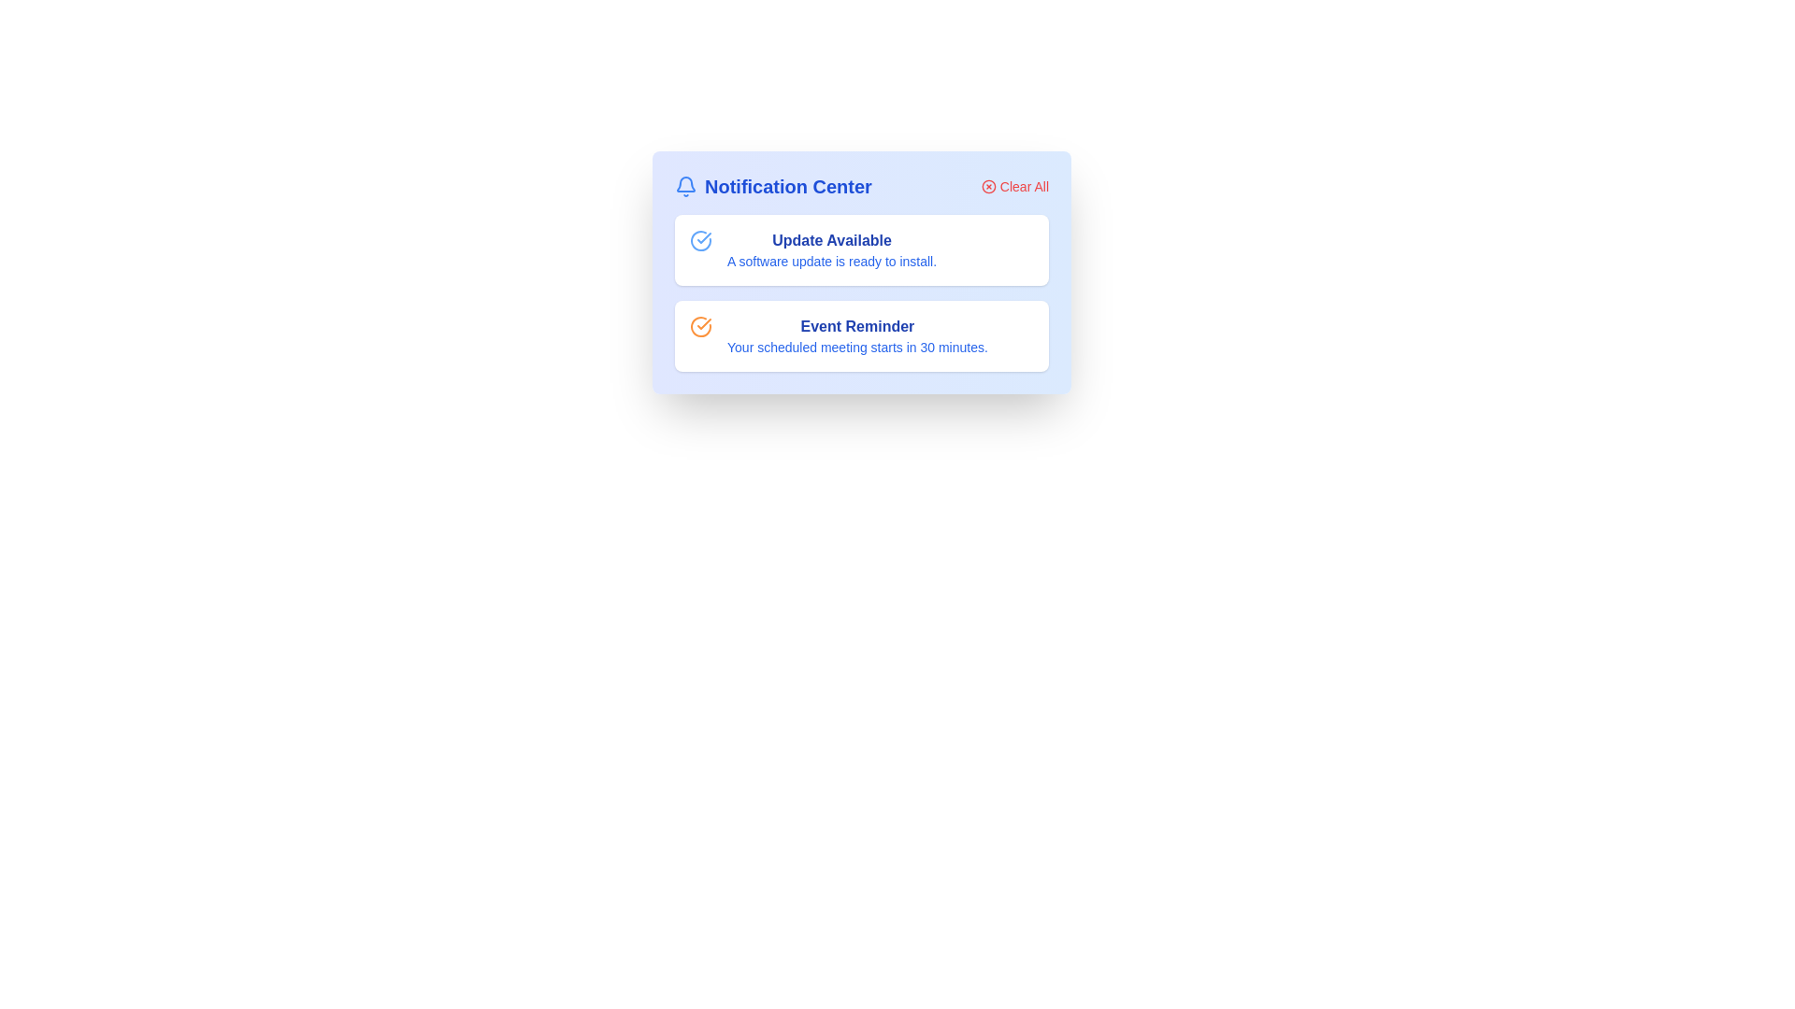  Describe the element at coordinates (685, 184) in the screenshot. I see `the notification icon located at the top-left area of the notification card, which is part of the 'Notification Center' section` at that location.